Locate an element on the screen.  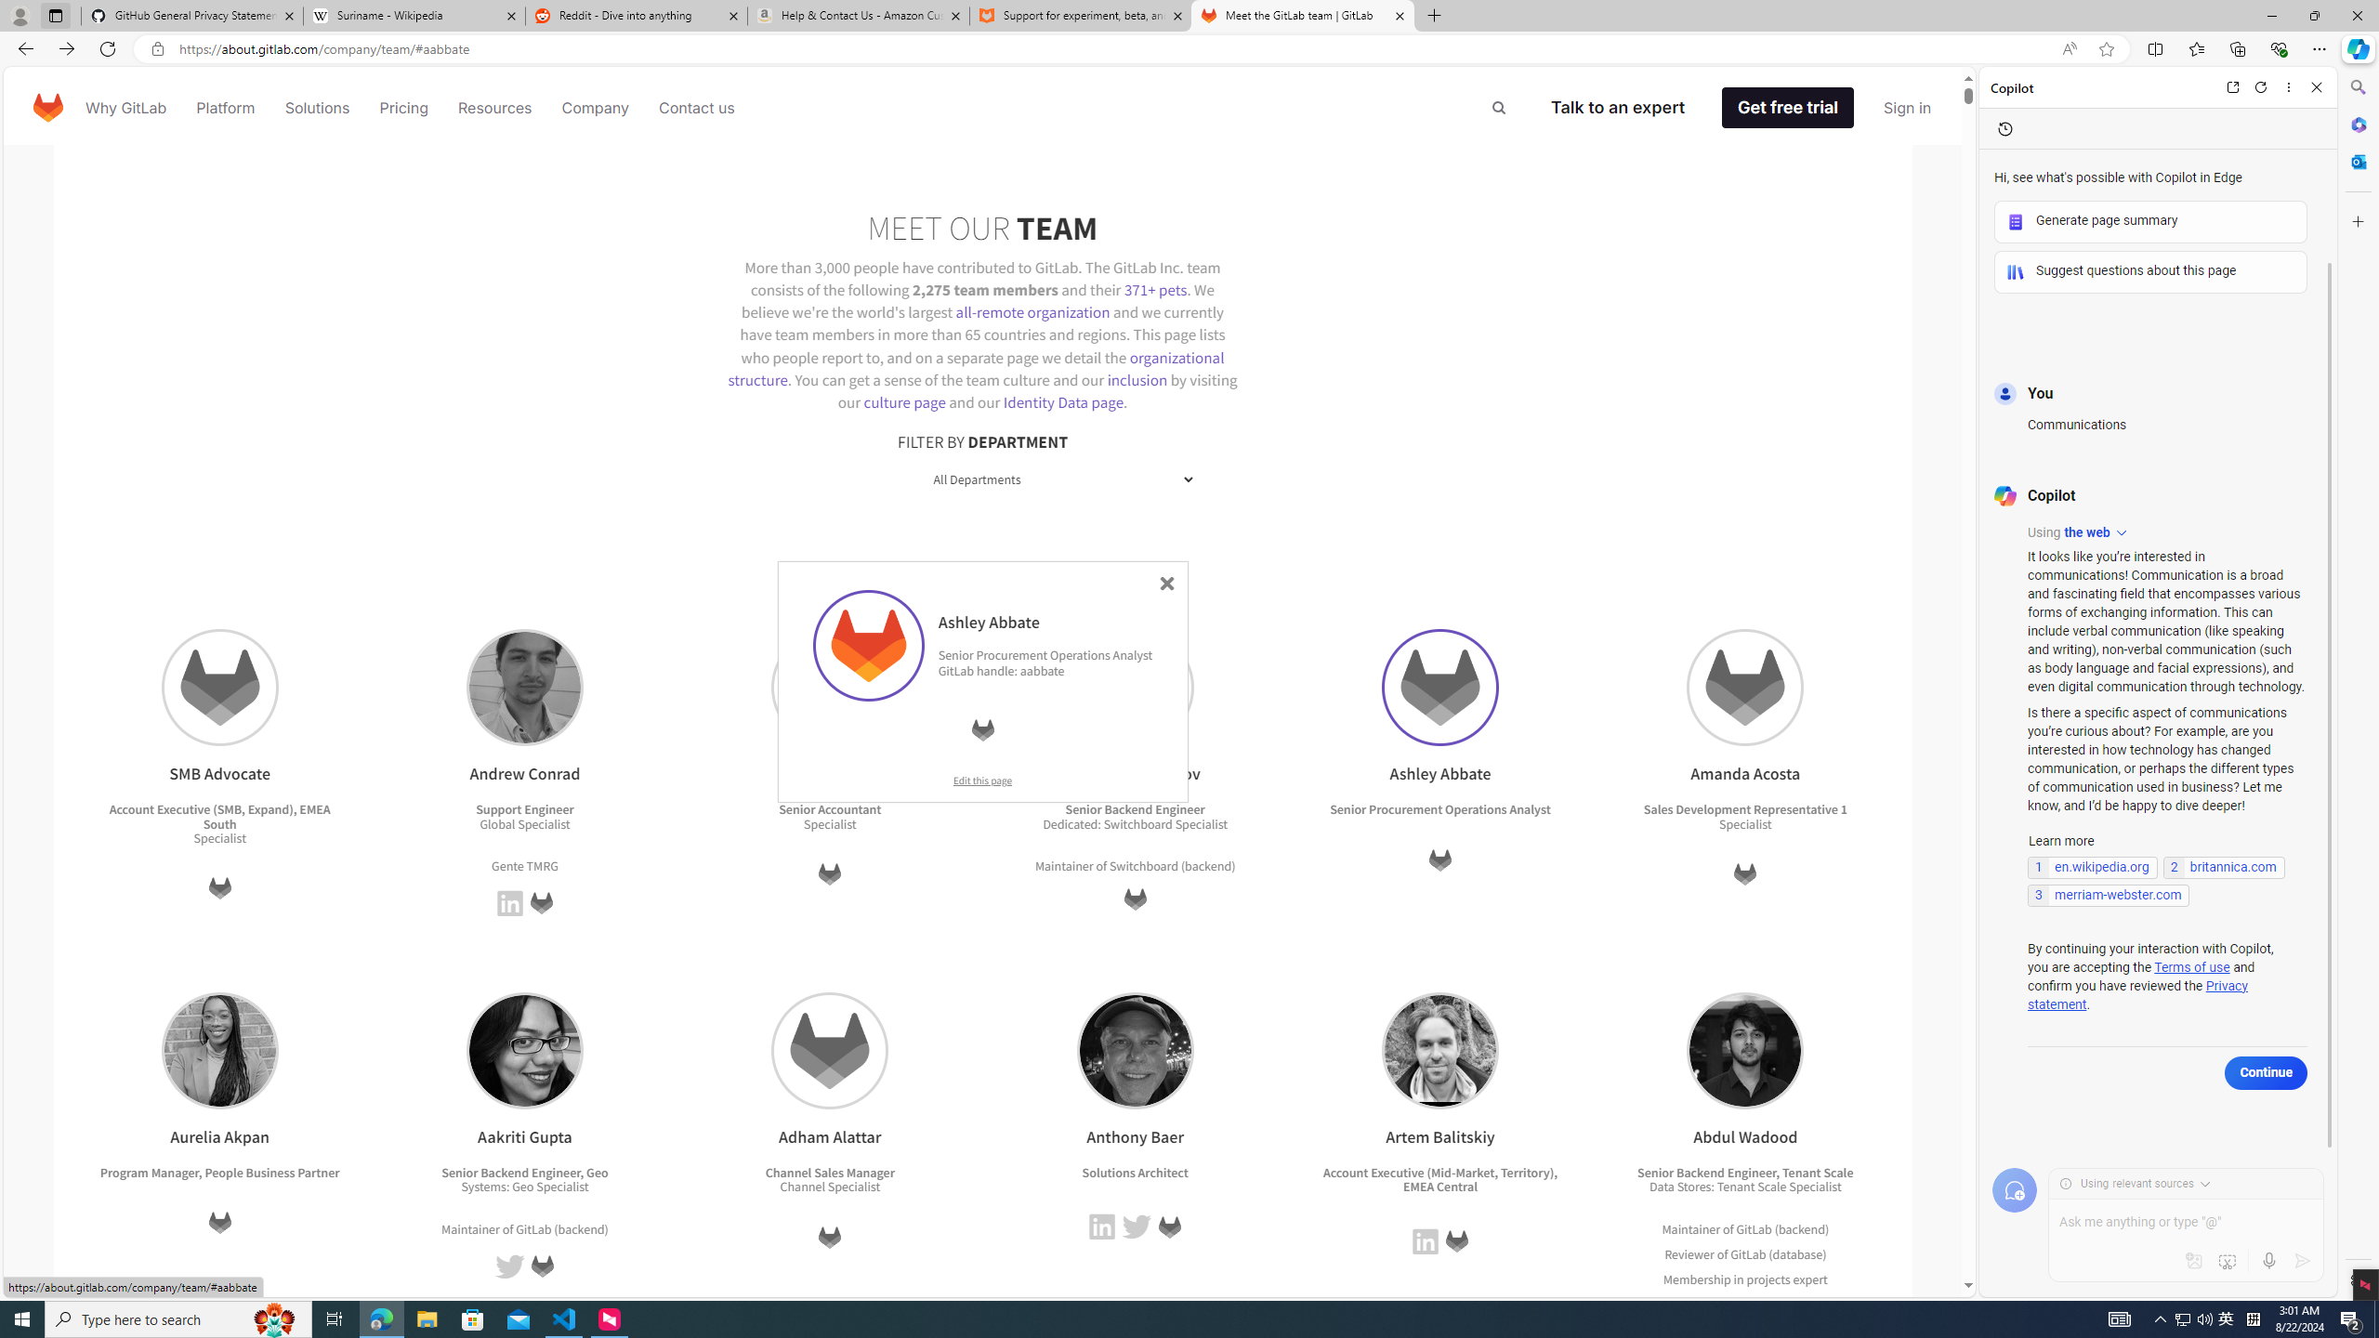
'Resources' is located at coordinates (493, 106).